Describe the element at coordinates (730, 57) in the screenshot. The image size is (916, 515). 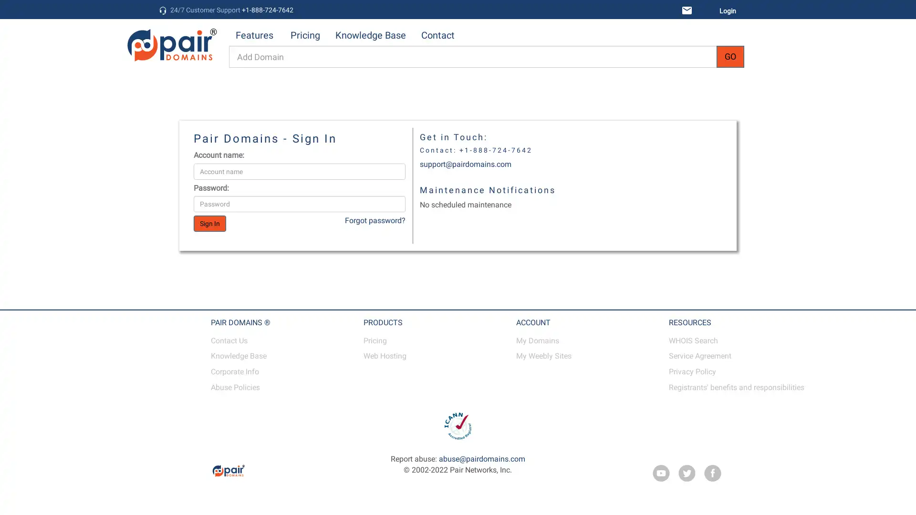
I see `GO` at that location.